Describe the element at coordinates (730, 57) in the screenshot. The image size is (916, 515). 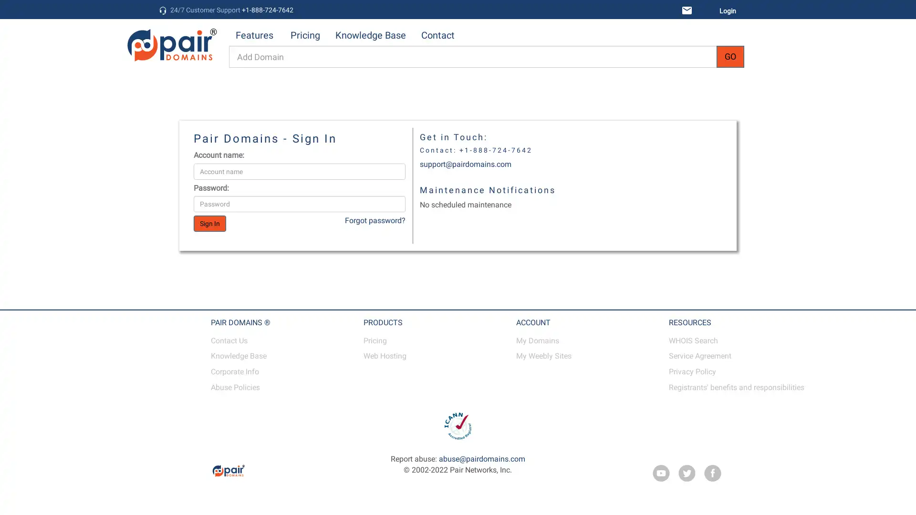
I see `GO` at that location.